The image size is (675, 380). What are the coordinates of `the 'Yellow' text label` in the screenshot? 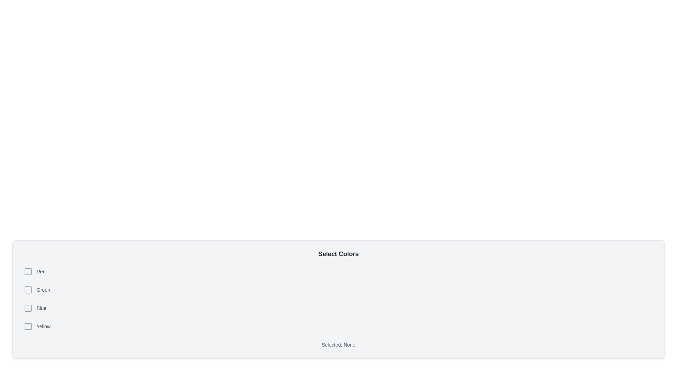 It's located at (43, 327).